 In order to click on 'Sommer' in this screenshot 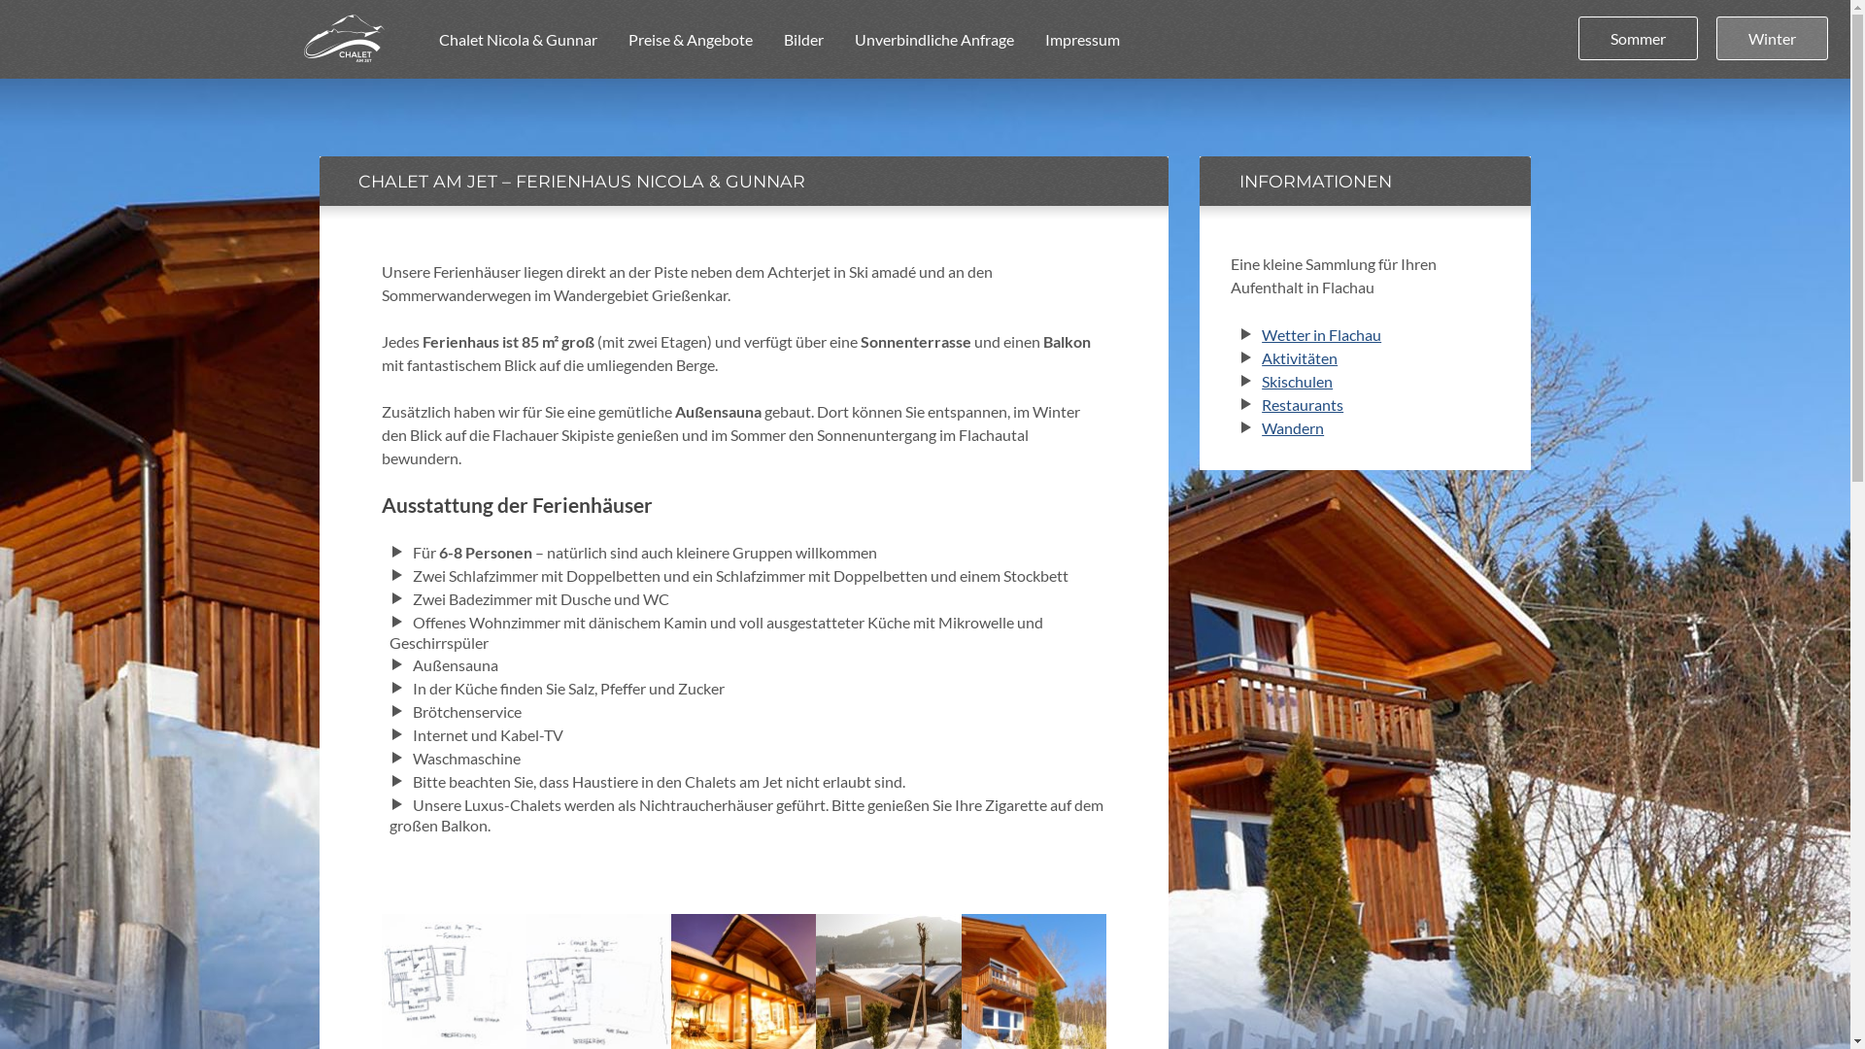, I will do `click(1637, 38)`.